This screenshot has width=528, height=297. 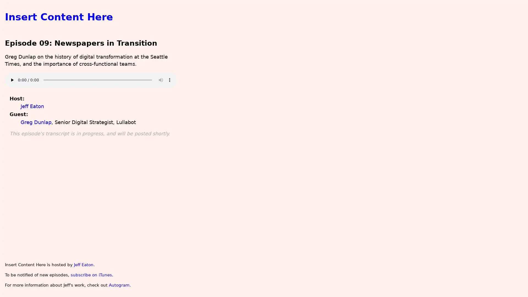 What do you see at coordinates (160, 80) in the screenshot?
I see `mute` at bounding box center [160, 80].